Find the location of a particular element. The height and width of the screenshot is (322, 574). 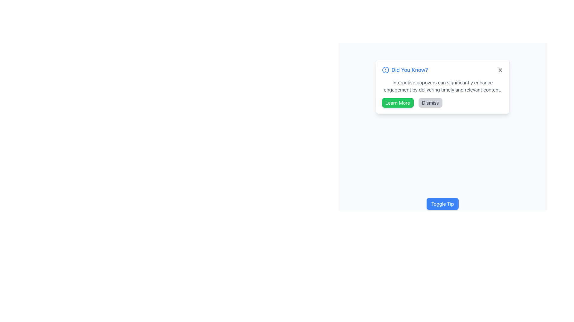

the diagonal cross (X) icon located at the top-right corner of the 'Did You Know?' pop-up box is located at coordinates (500, 70).